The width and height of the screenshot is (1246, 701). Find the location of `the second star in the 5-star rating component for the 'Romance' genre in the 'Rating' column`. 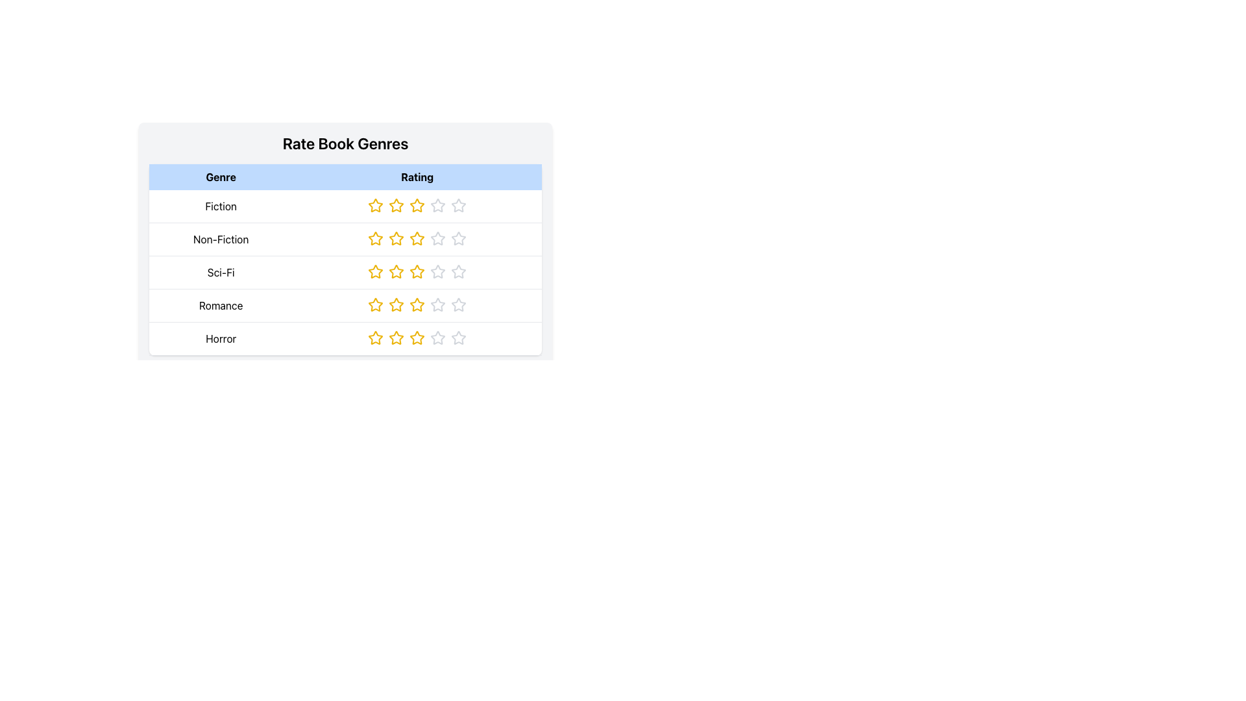

the second star in the 5-star rating component for the 'Romance' genre in the 'Rating' column is located at coordinates (375, 305).